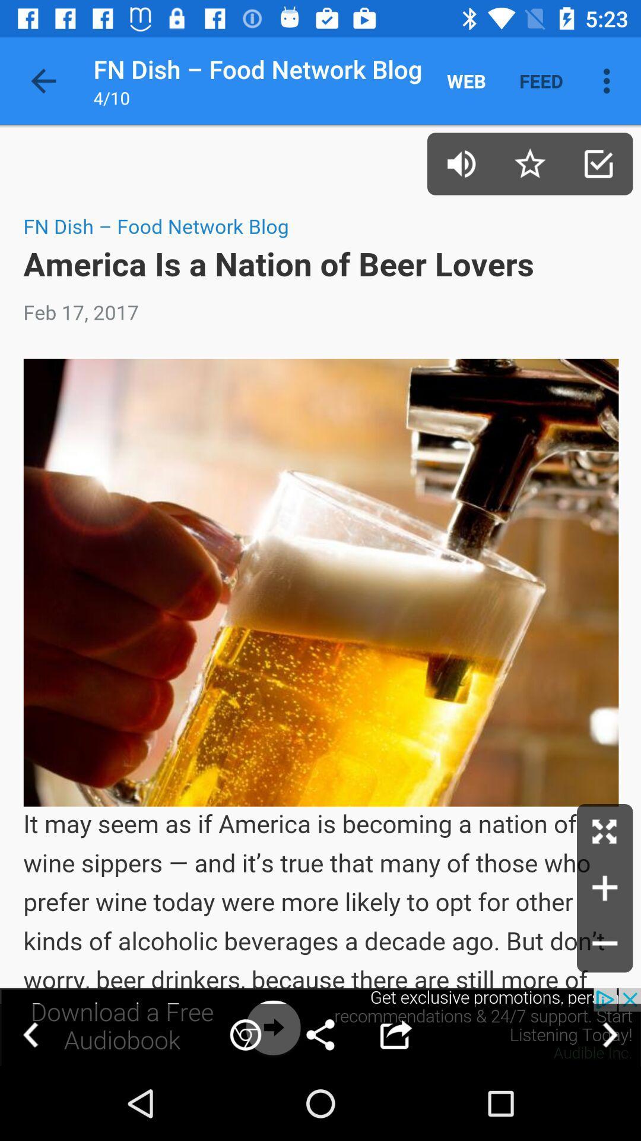  Describe the element at coordinates (598, 163) in the screenshot. I see `the check icon` at that location.